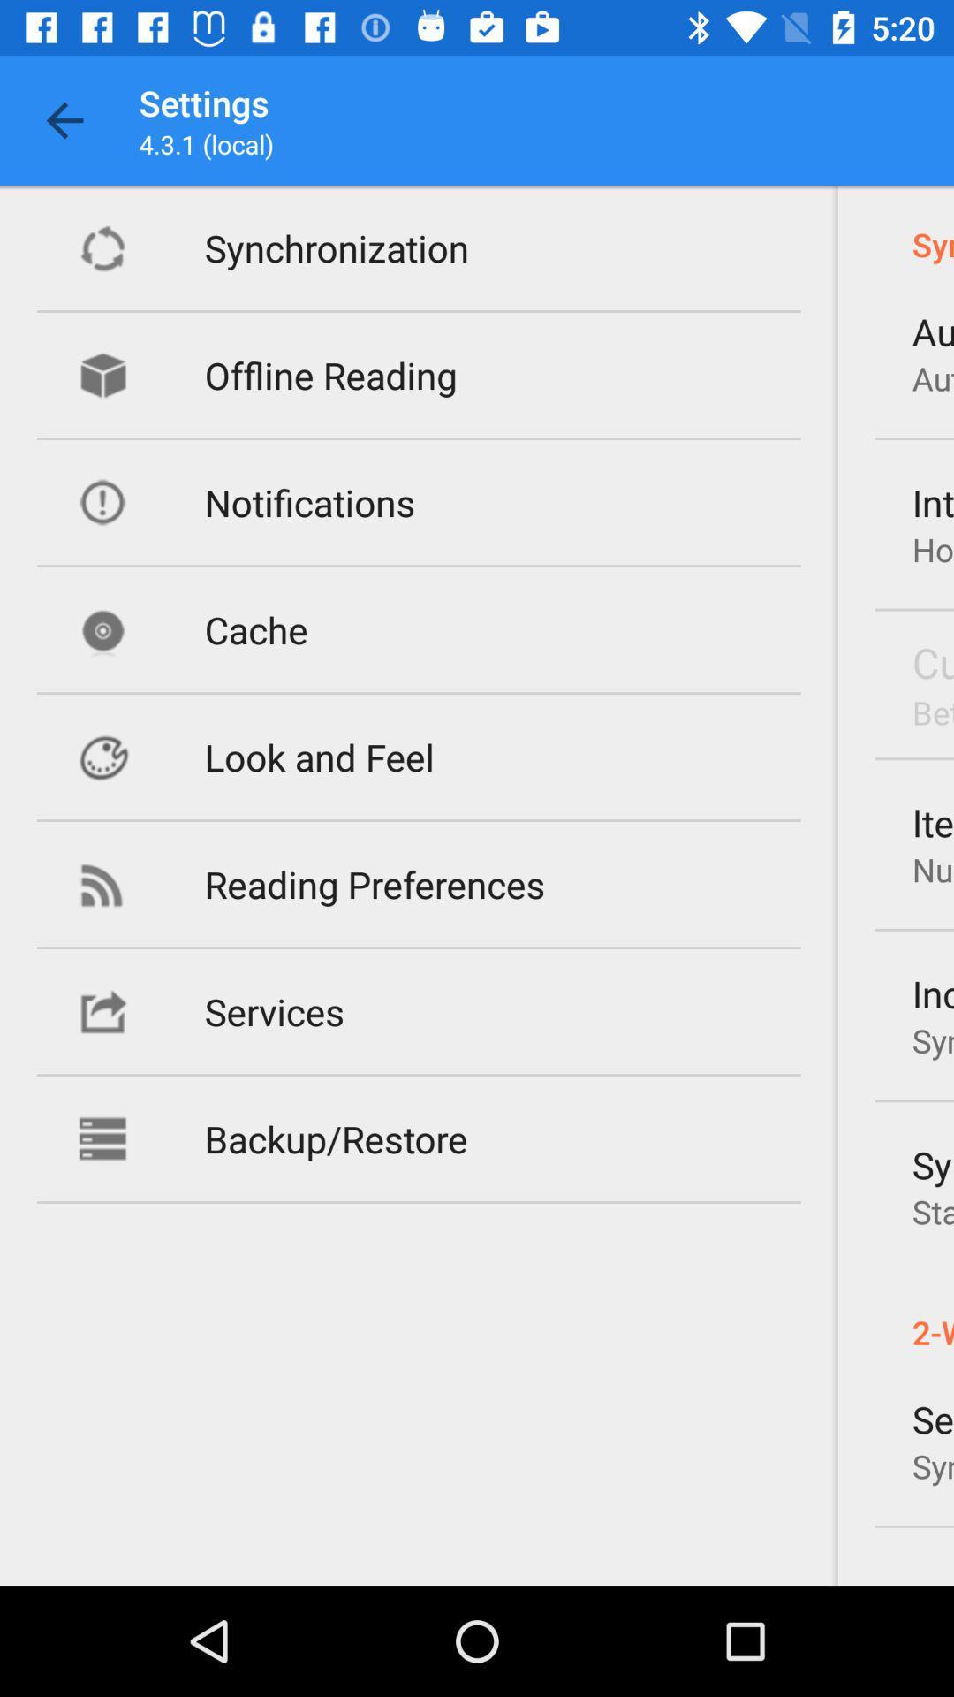 This screenshot has height=1697, width=954. I want to click on item above custom interval item, so click(932, 548).